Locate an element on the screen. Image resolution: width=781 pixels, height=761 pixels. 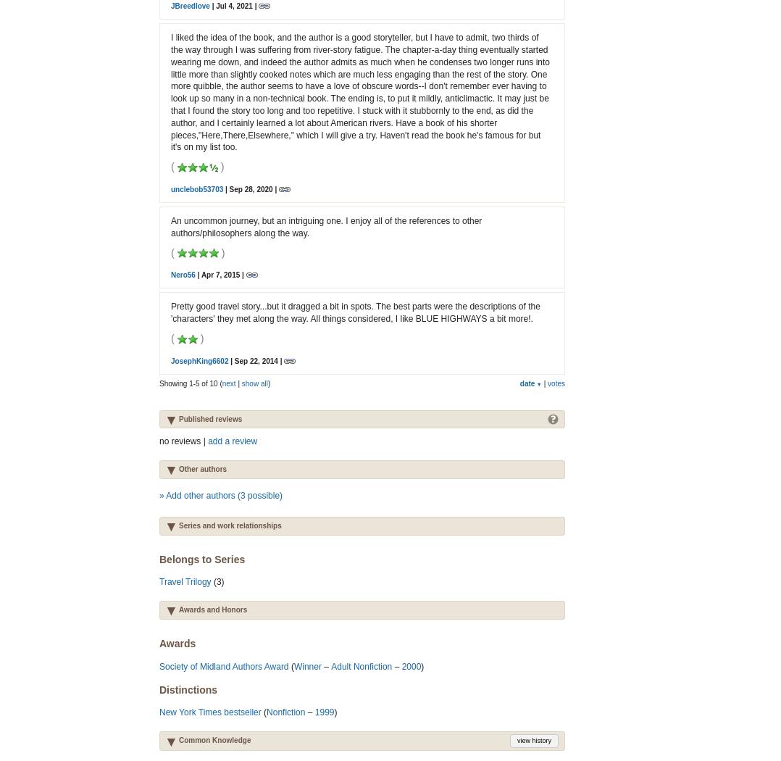
'votes' is located at coordinates (556, 383).